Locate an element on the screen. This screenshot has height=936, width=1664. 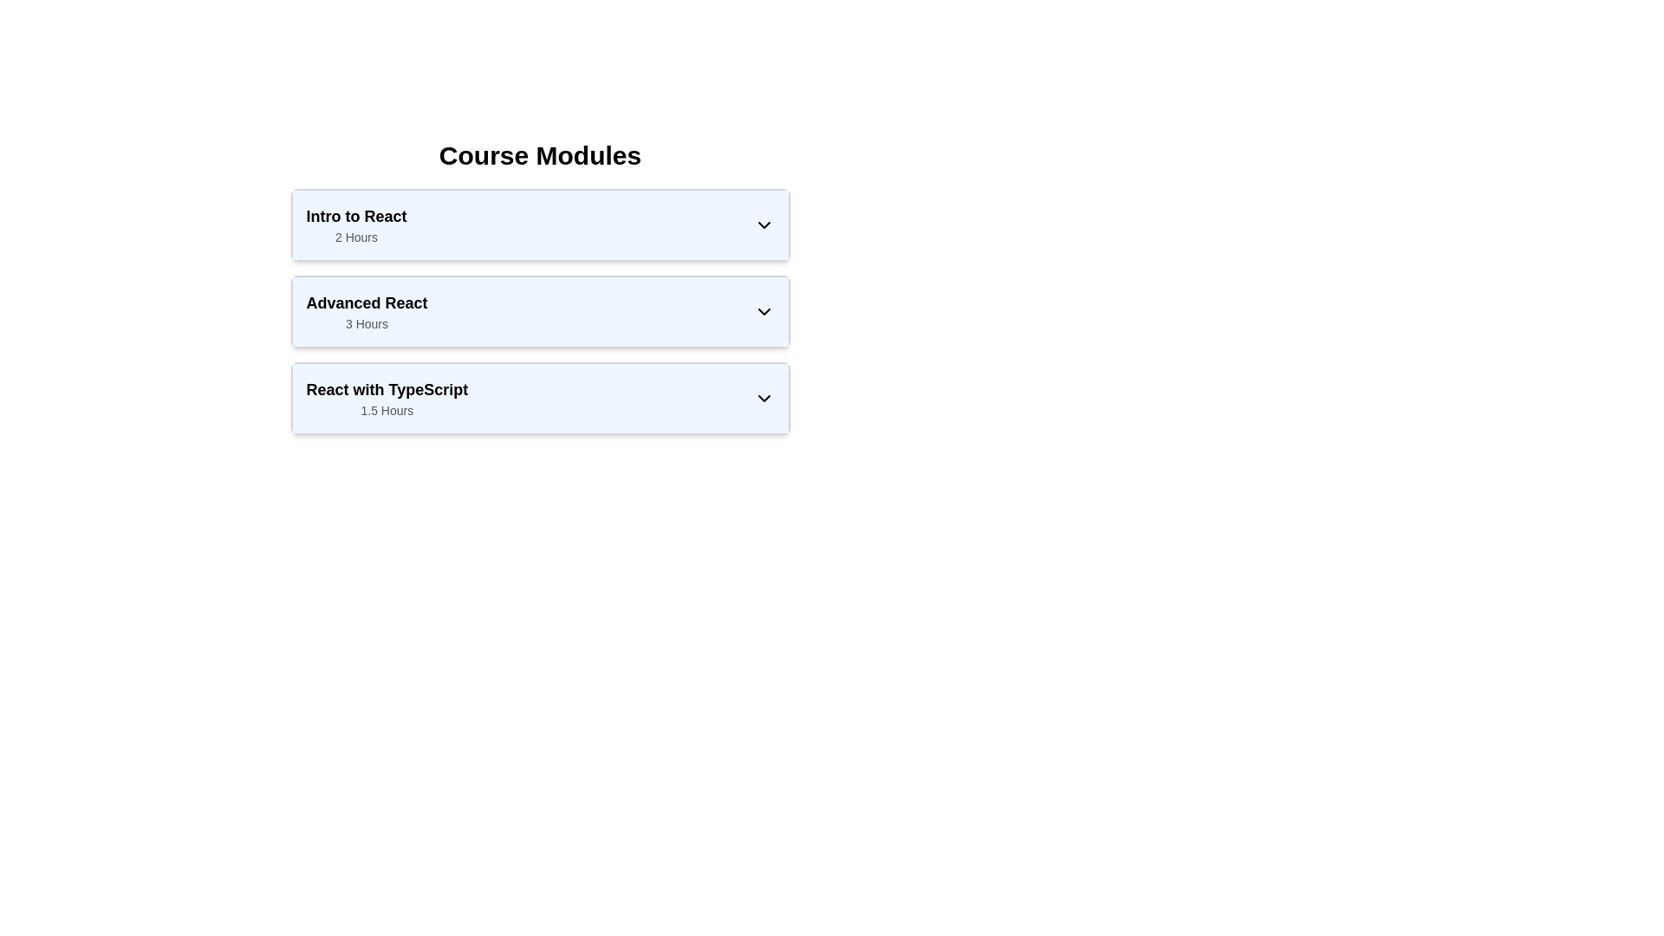
the text label displaying '2 Hours' which is styled in gray and located below the title 'Intro to React' is located at coordinates (355, 237).